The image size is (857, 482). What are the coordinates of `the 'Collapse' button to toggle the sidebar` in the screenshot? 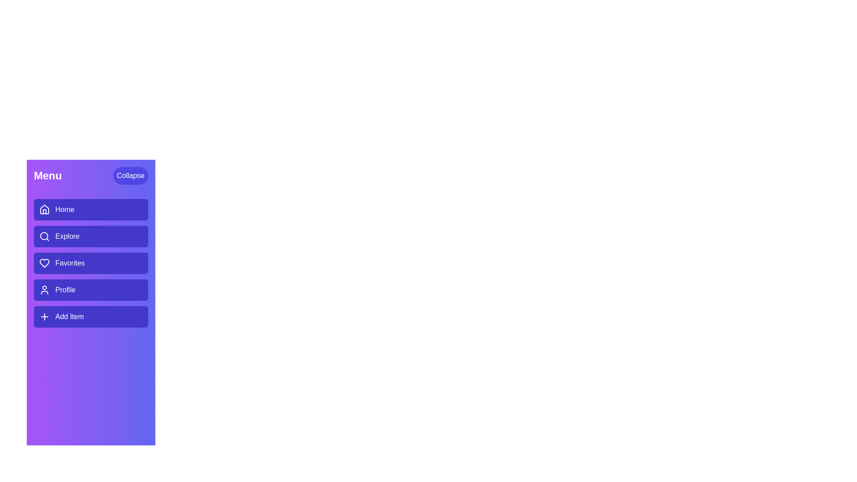 It's located at (130, 175).